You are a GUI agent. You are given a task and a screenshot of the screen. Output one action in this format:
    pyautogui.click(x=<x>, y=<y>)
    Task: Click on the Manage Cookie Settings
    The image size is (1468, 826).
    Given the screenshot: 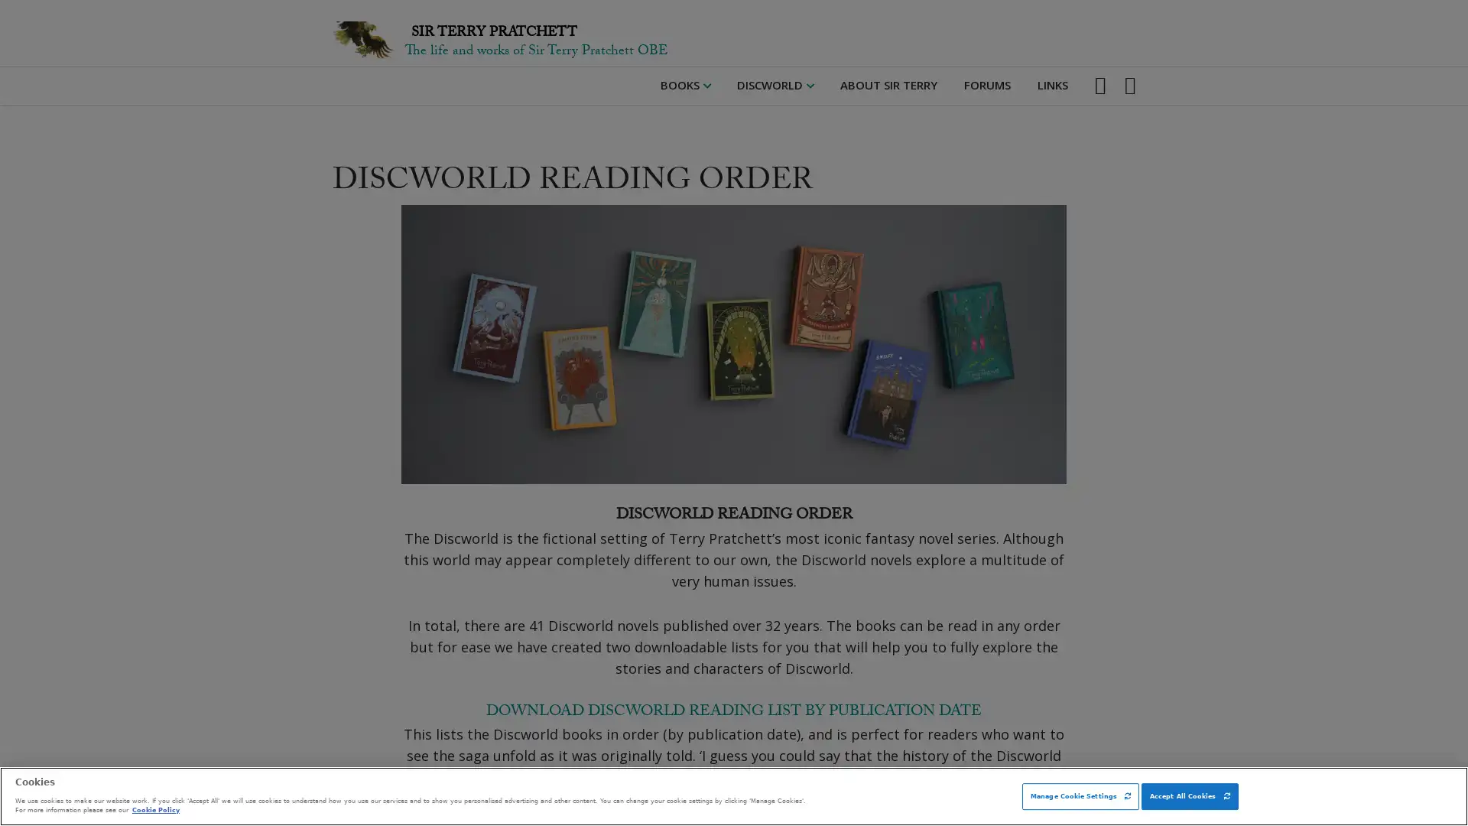 What is the action you would take?
    pyautogui.click(x=1080, y=795)
    